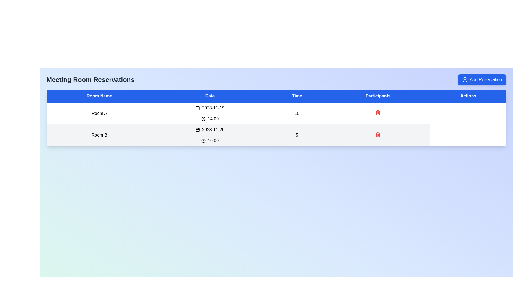 Image resolution: width=523 pixels, height=294 pixels. Describe the element at coordinates (276, 113) in the screenshot. I see `the reservation details row for 'Room A' in the data table` at that location.